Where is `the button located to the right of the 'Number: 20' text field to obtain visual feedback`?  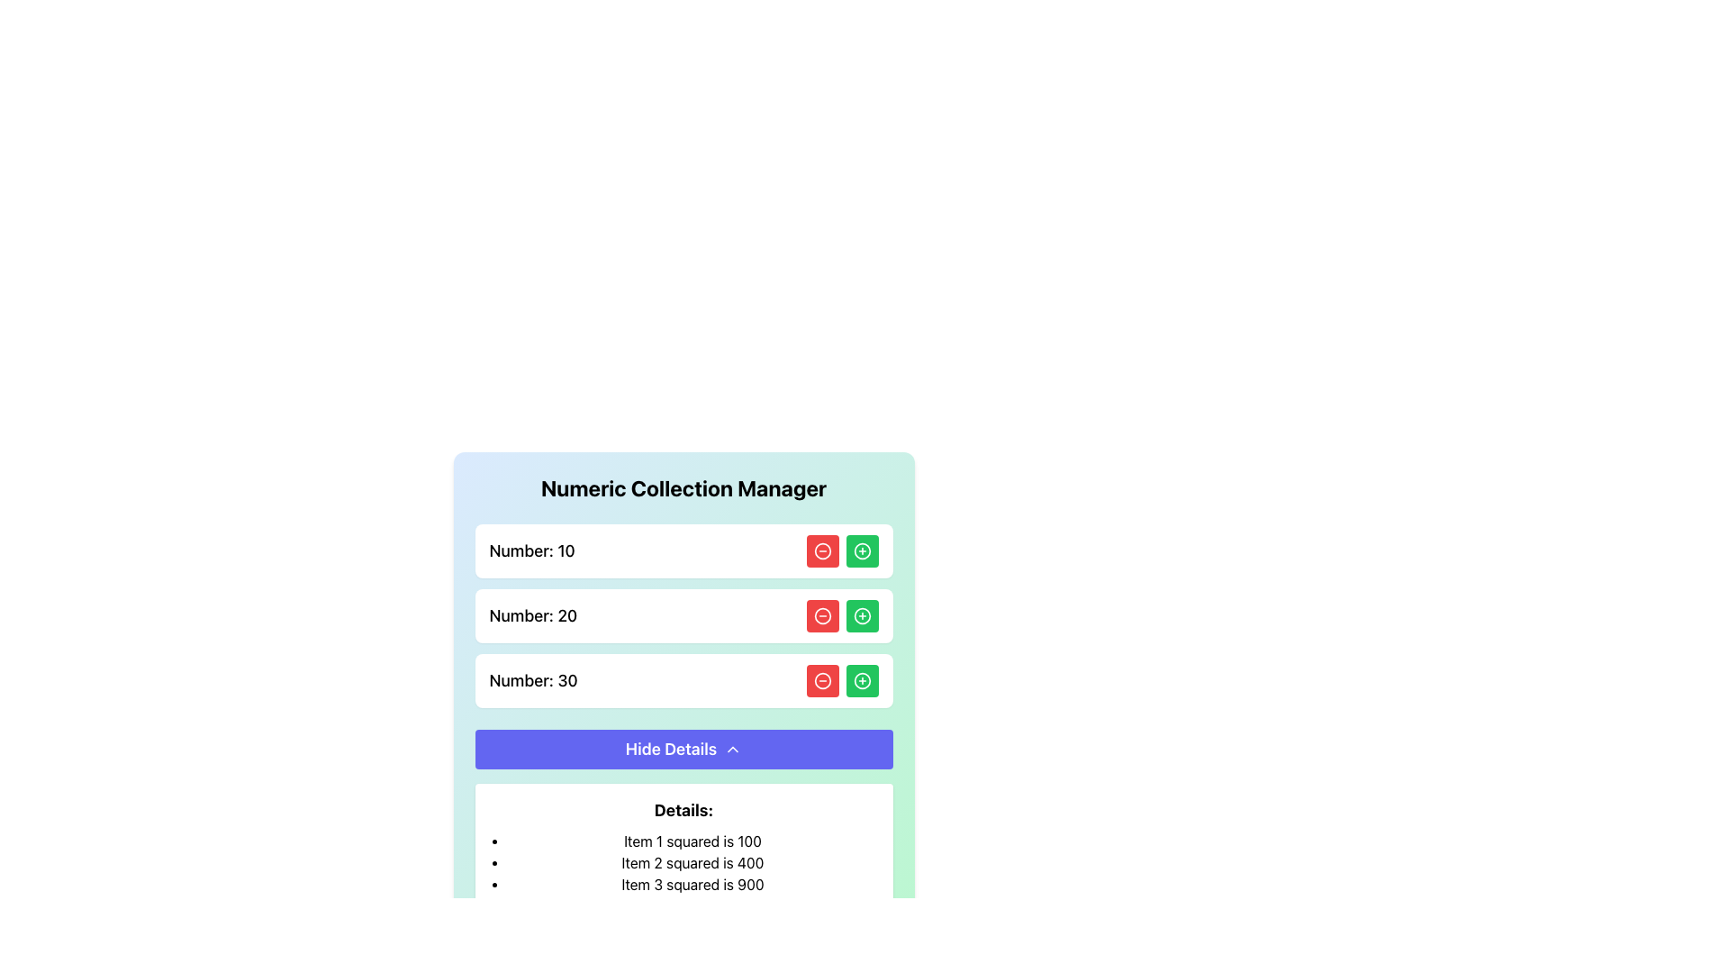
the button located to the right of the 'Number: 20' text field to obtain visual feedback is located at coordinates (861, 614).